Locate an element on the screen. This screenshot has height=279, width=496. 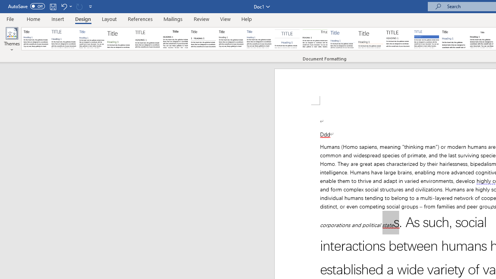
'Lines (Simple)' is located at coordinates (343, 39).